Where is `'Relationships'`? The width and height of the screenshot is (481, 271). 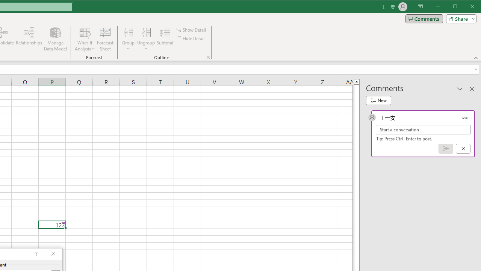 'Relationships' is located at coordinates (29, 39).